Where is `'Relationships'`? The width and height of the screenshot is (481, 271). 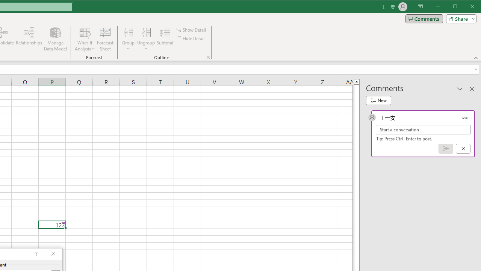 'Relationships' is located at coordinates (29, 39).